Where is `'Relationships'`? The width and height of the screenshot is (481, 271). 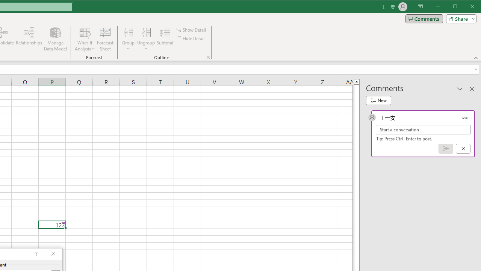 'Relationships' is located at coordinates (29, 39).